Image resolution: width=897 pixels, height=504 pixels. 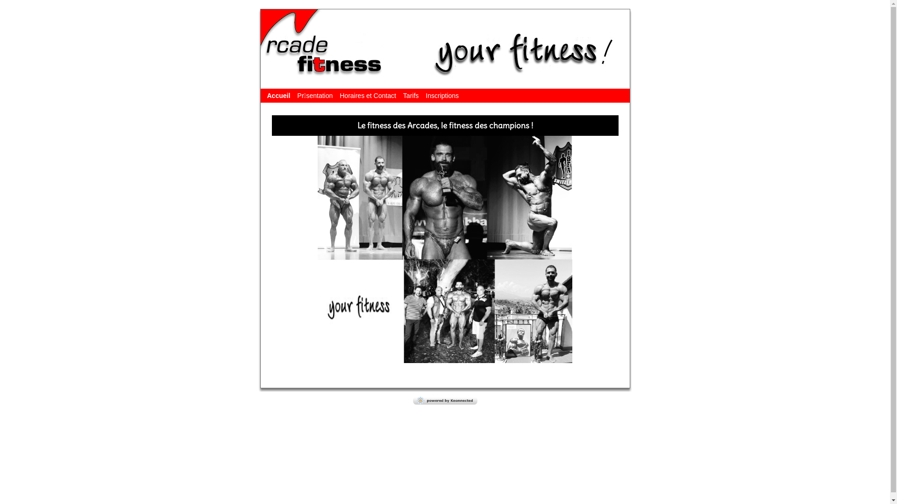 I want to click on 'Keonnected', so click(x=445, y=400).